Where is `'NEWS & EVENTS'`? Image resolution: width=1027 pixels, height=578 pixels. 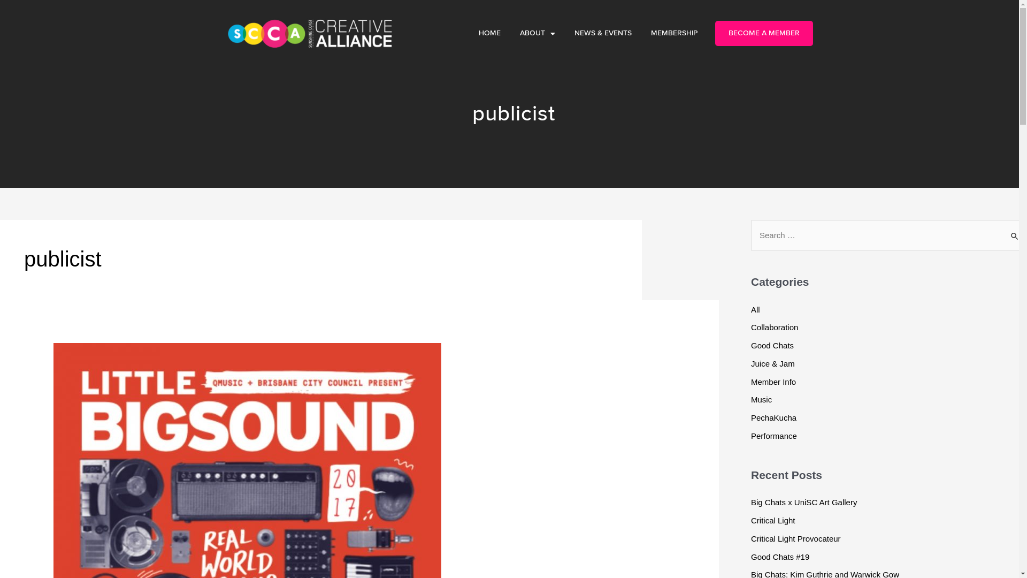
'NEWS & EVENTS' is located at coordinates (603, 33).